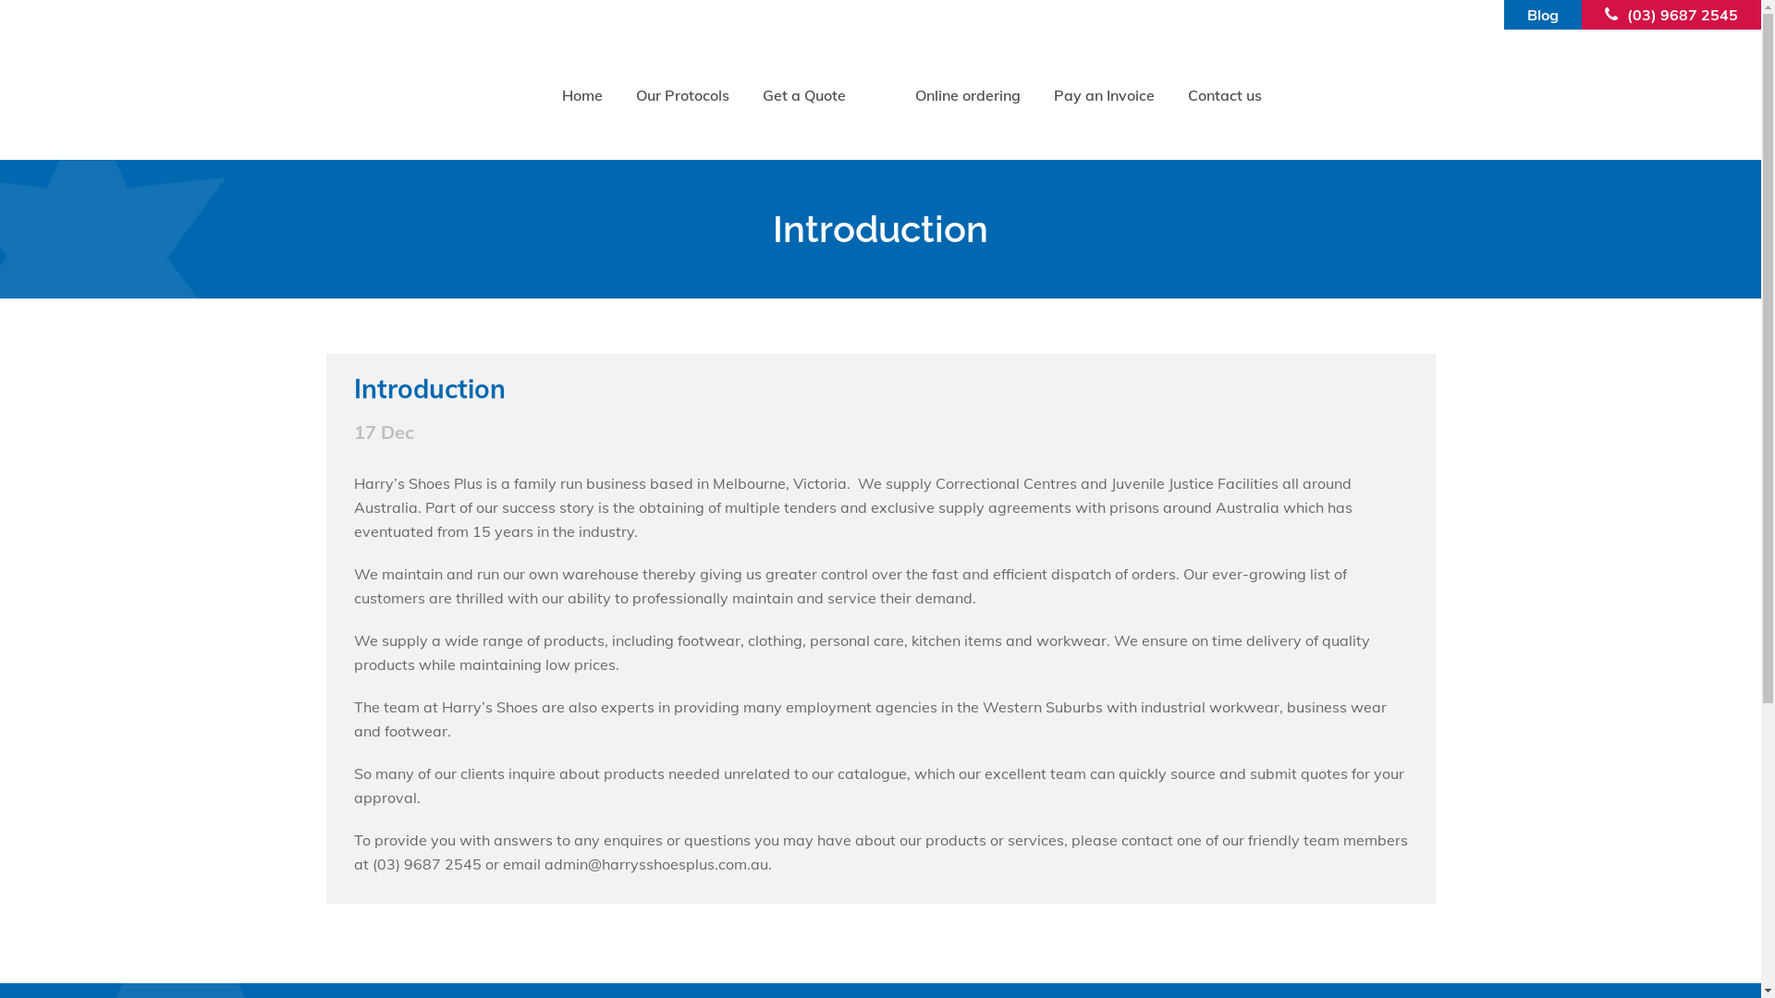  Describe the element at coordinates (898, 95) in the screenshot. I see `'Online ordering'` at that location.